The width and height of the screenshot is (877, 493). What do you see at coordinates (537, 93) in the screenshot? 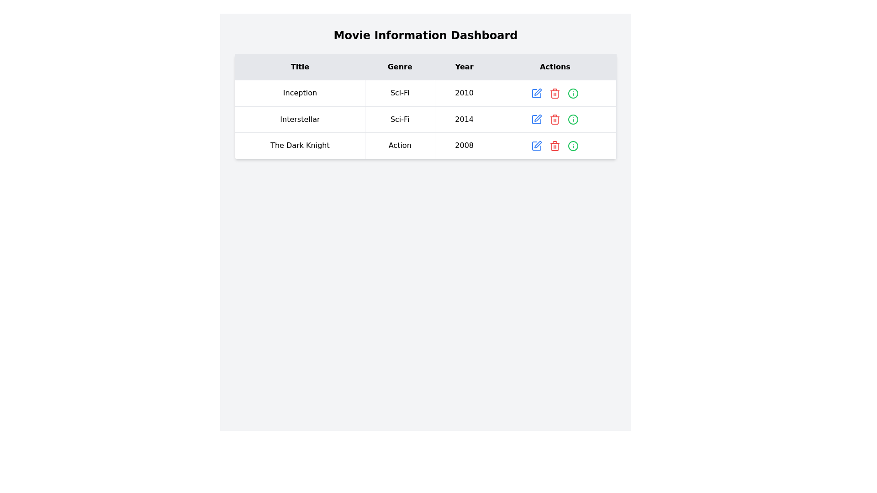
I see `the pen icon button in the Actions column of the first row, which corresponds to the movie 'Inception'` at bounding box center [537, 93].